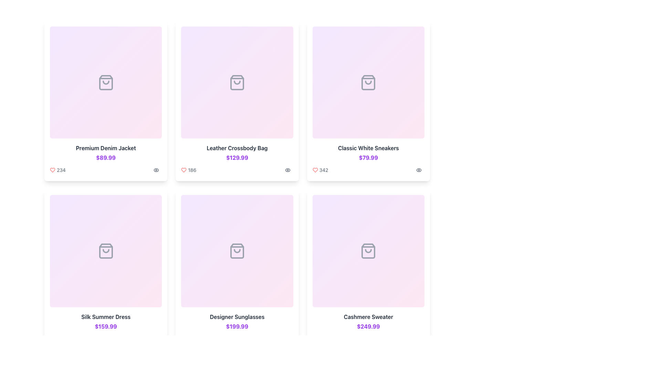 The image size is (661, 372). I want to click on the circular button featuring an eye icon, located below the price text '$89.99' for the 'Premium Denim Jacket' item, so click(156, 170).